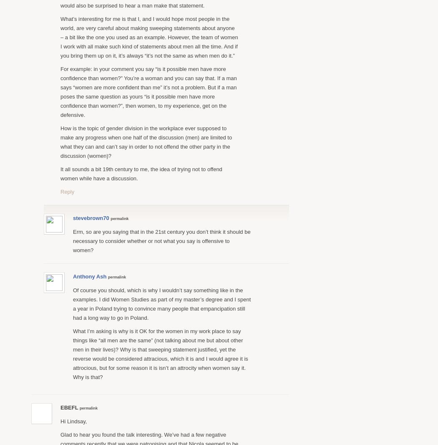 This screenshot has width=438, height=445. I want to click on 'What I’m asking is why is it OK for the women in my work place to say things like “all men are the same” (not talking about me but about other men in their lives)? Why is that sweeping statement justified, yet the reverse would be considered attracious, which it is and I would agree it is attrocious, but for some reason it is isn’t an attrocity when women say it. Why is that?', so click(160, 354).